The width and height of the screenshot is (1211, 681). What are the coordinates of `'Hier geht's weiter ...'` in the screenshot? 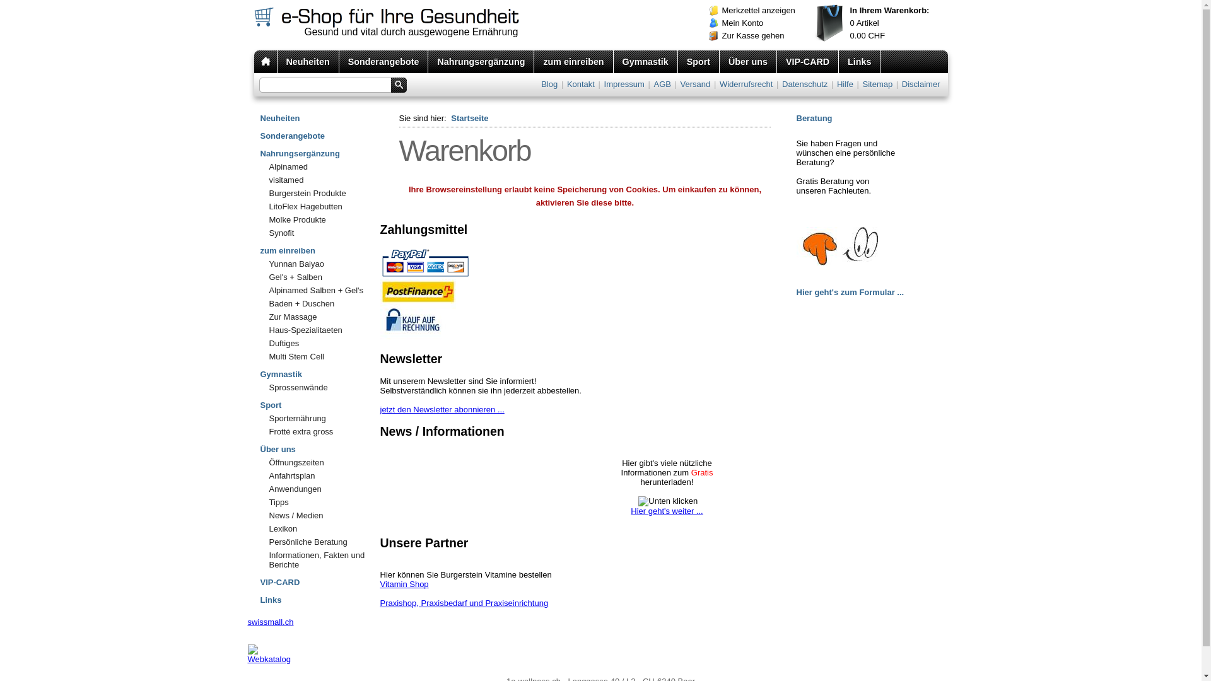 It's located at (665, 516).